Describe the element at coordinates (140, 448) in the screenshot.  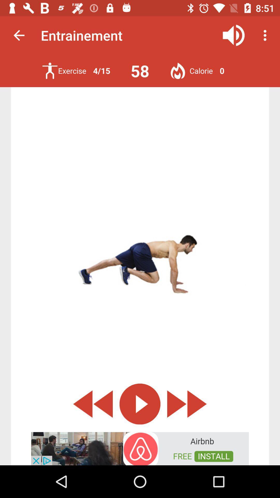
I see `advertisement` at that location.